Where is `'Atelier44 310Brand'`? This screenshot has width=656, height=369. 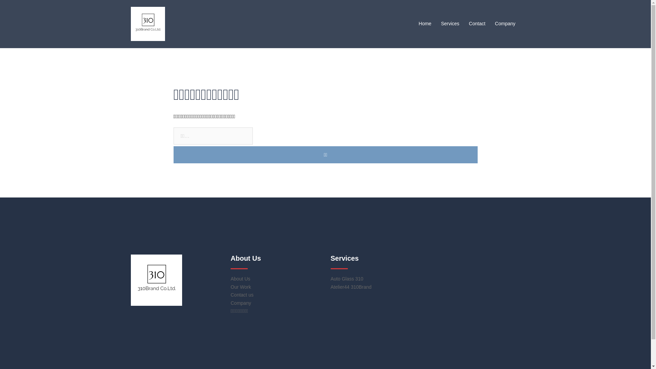
'Atelier44 310Brand' is located at coordinates (351, 287).